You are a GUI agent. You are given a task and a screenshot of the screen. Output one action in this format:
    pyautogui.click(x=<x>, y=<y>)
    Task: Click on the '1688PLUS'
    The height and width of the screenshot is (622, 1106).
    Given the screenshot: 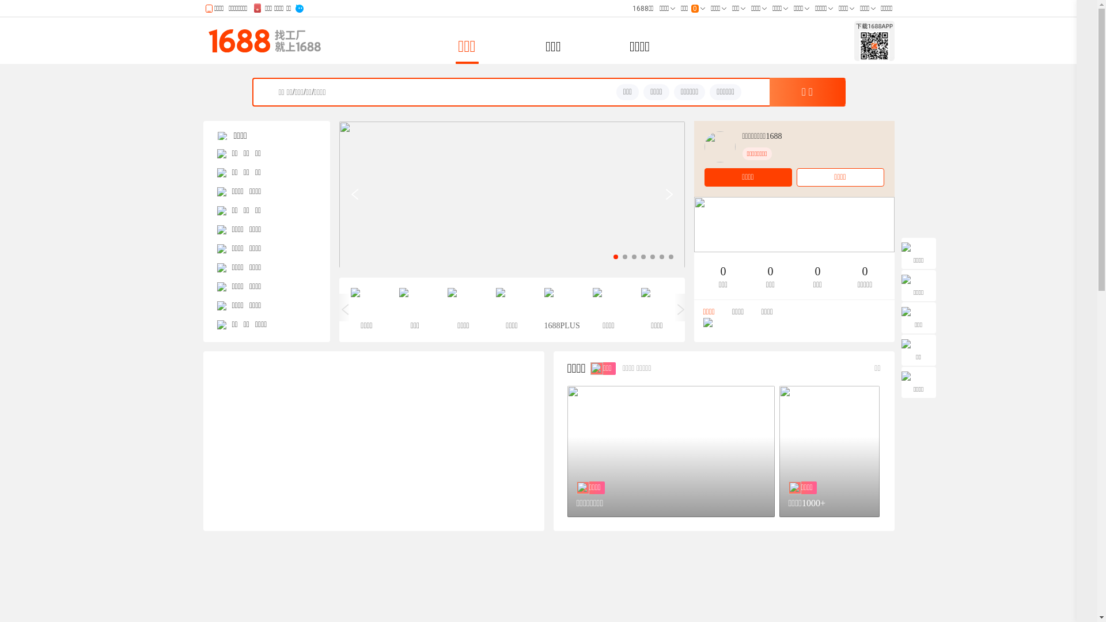 What is the action you would take?
    pyautogui.click(x=559, y=309)
    